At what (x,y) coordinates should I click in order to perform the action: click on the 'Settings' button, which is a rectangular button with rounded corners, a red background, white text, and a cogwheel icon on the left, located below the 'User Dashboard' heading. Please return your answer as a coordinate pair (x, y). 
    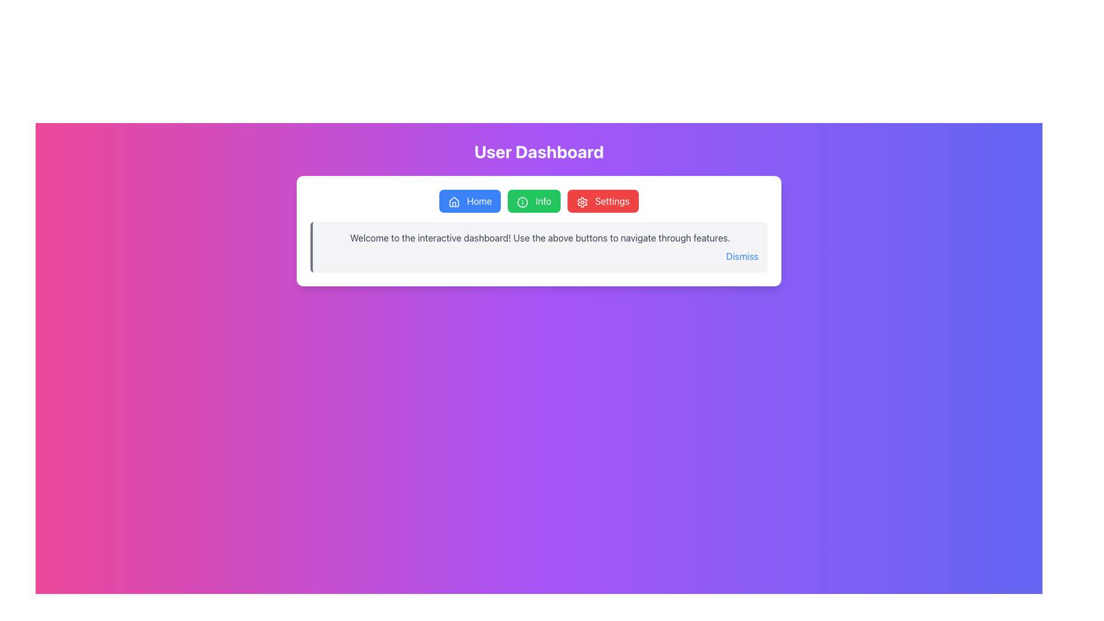
    Looking at the image, I should click on (602, 201).